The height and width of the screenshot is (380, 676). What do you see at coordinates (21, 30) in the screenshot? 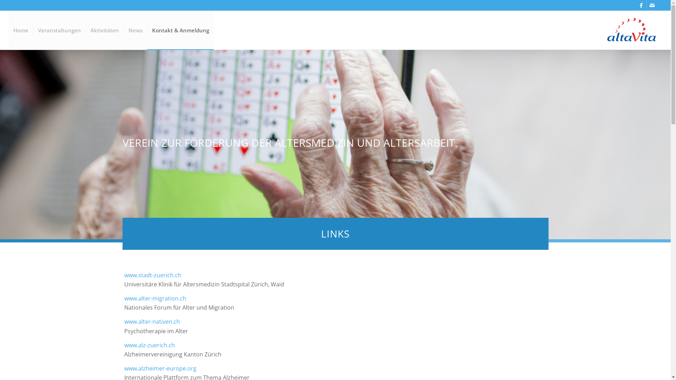
I see `'Home'` at bounding box center [21, 30].